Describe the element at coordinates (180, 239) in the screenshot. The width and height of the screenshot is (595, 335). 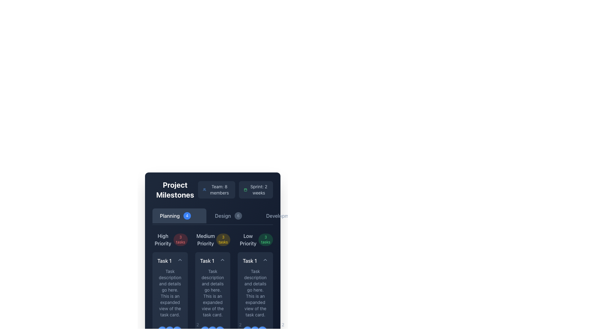
I see `the visual indicator label showing the number of tasks classified under the 'High Priority' category` at that location.